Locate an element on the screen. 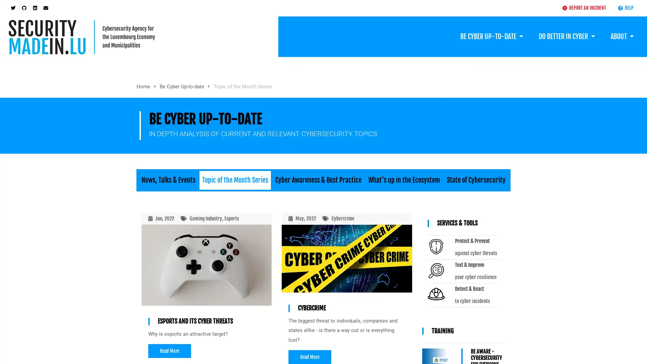 This screenshot has height=364, width=647. BE CYBER UP-TO-DATE is located at coordinates (491, 36).